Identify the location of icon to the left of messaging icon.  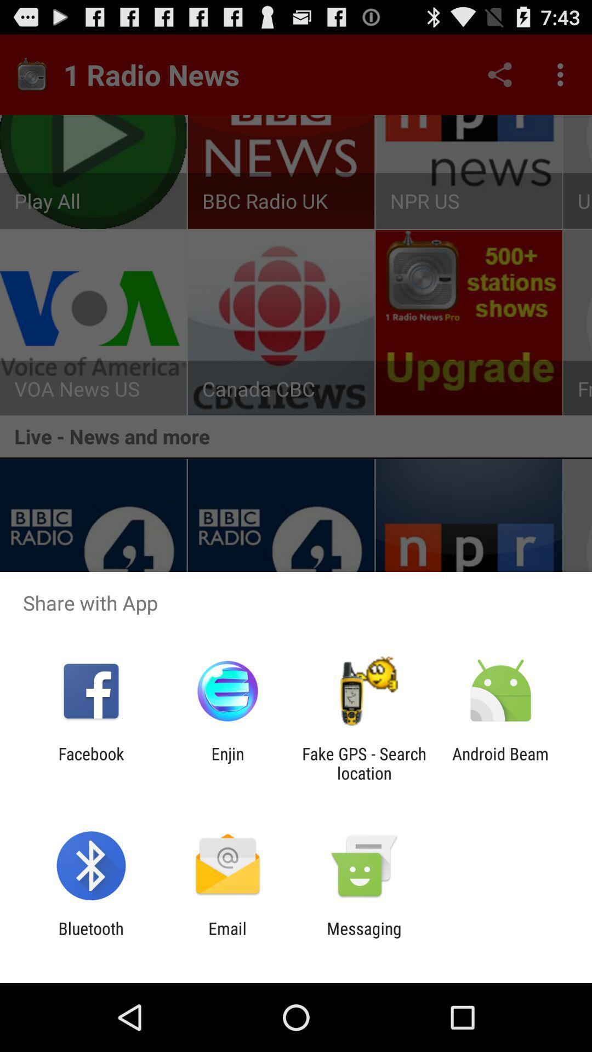
(227, 937).